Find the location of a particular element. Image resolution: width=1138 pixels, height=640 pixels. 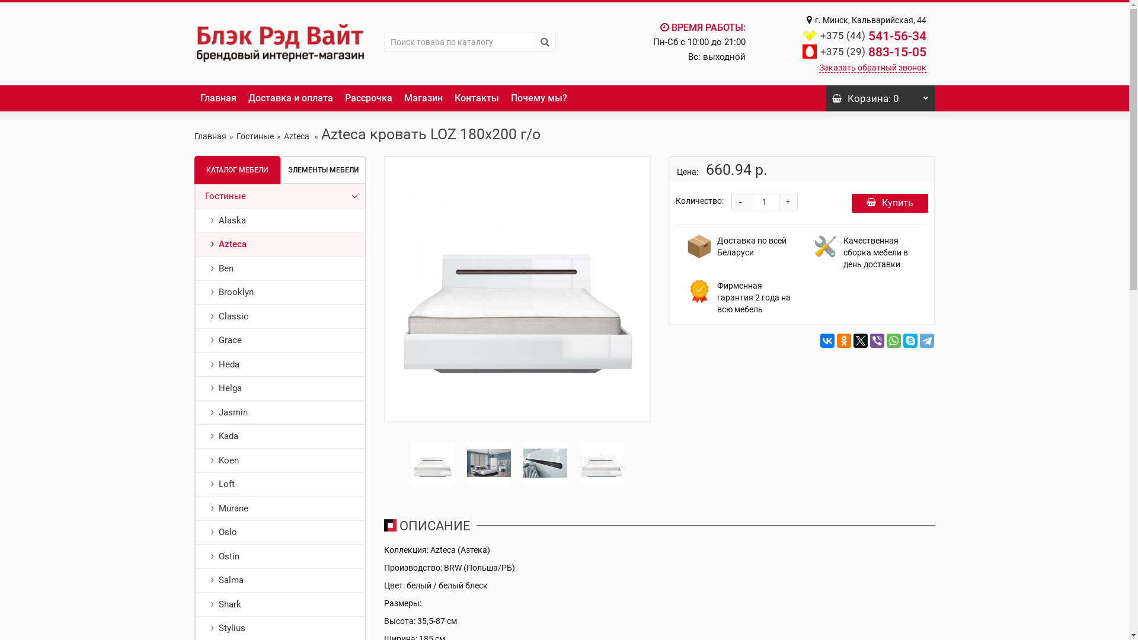

'Salma' is located at coordinates (280, 580).